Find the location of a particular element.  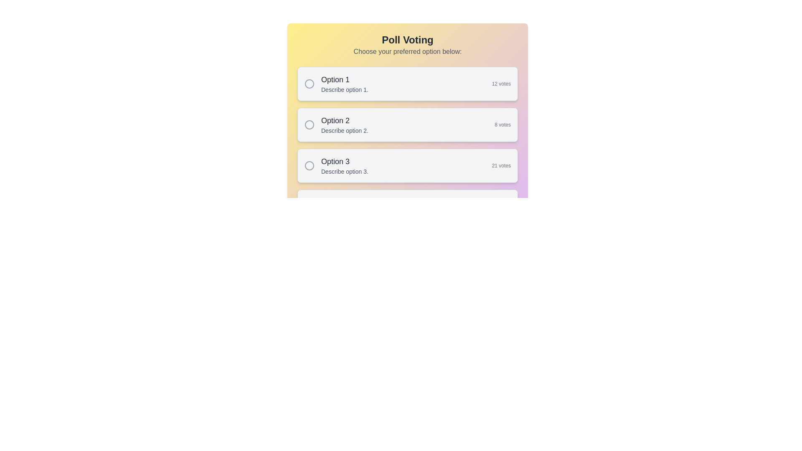

text from the 'Poll Voting' text block, which features a bold title and a subtitle prompting users to choose an option is located at coordinates (407, 45).